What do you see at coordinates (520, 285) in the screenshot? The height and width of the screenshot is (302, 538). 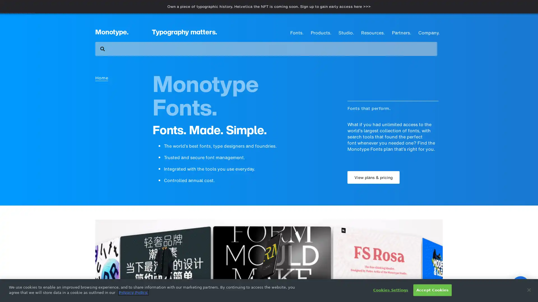 I see `Open Intercom Messenger` at bounding box center [520, 285].